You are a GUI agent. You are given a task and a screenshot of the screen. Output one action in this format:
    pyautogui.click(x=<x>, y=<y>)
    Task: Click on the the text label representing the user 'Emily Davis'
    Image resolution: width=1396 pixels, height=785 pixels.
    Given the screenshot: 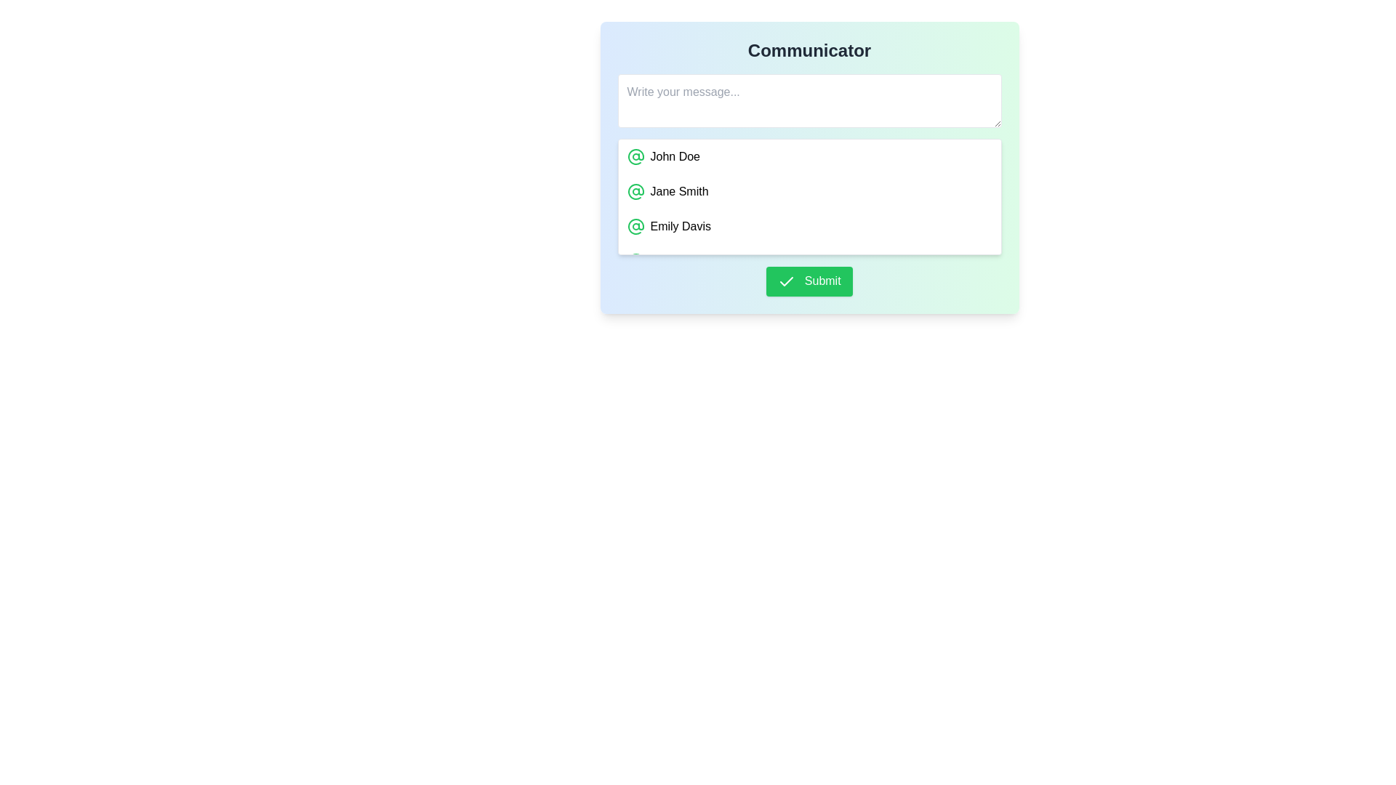 What is the action you would take?
    pyautogui.click(x=680, y=227)
    